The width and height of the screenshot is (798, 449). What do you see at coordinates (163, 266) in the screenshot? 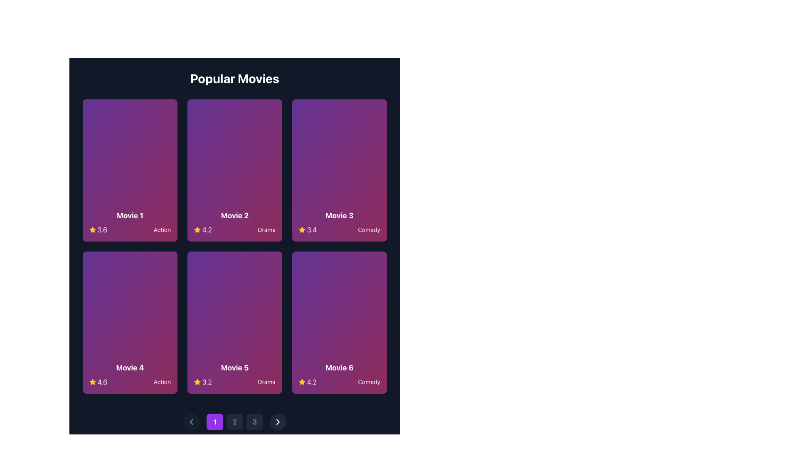
I see `the like button in the upper-right corner of the 'Movie 4' card` at bounding box center [163, 266].